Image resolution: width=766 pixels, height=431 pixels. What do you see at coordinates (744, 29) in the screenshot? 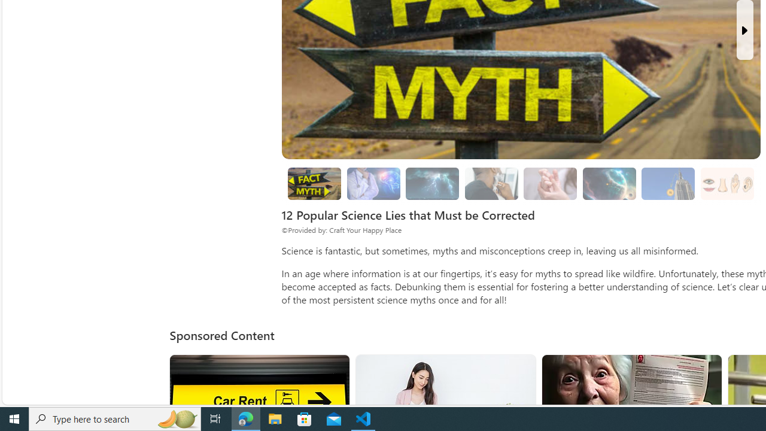
I see `'Next Slide'` at bounding box center [744, 29].